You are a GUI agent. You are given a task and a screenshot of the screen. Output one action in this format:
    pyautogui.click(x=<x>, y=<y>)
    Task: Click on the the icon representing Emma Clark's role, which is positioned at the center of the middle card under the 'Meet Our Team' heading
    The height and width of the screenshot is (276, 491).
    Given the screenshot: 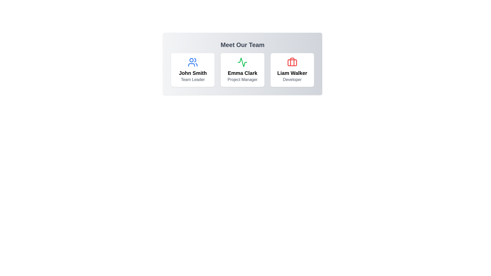 What is the action you would take?
    pyautogui.click(x=242, y=62)
    